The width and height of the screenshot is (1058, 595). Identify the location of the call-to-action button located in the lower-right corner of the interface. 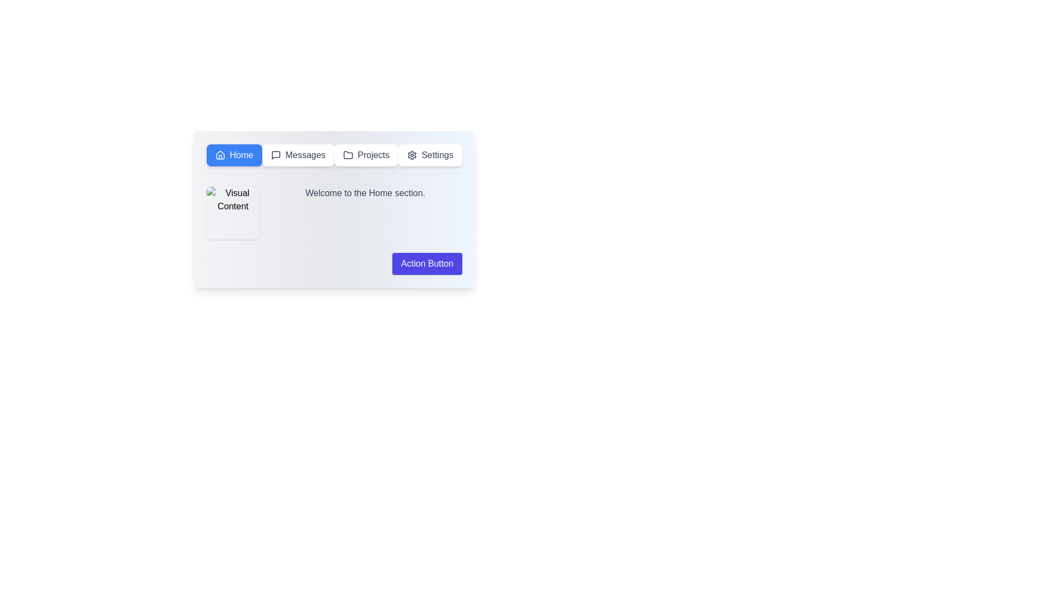
(427, 263).